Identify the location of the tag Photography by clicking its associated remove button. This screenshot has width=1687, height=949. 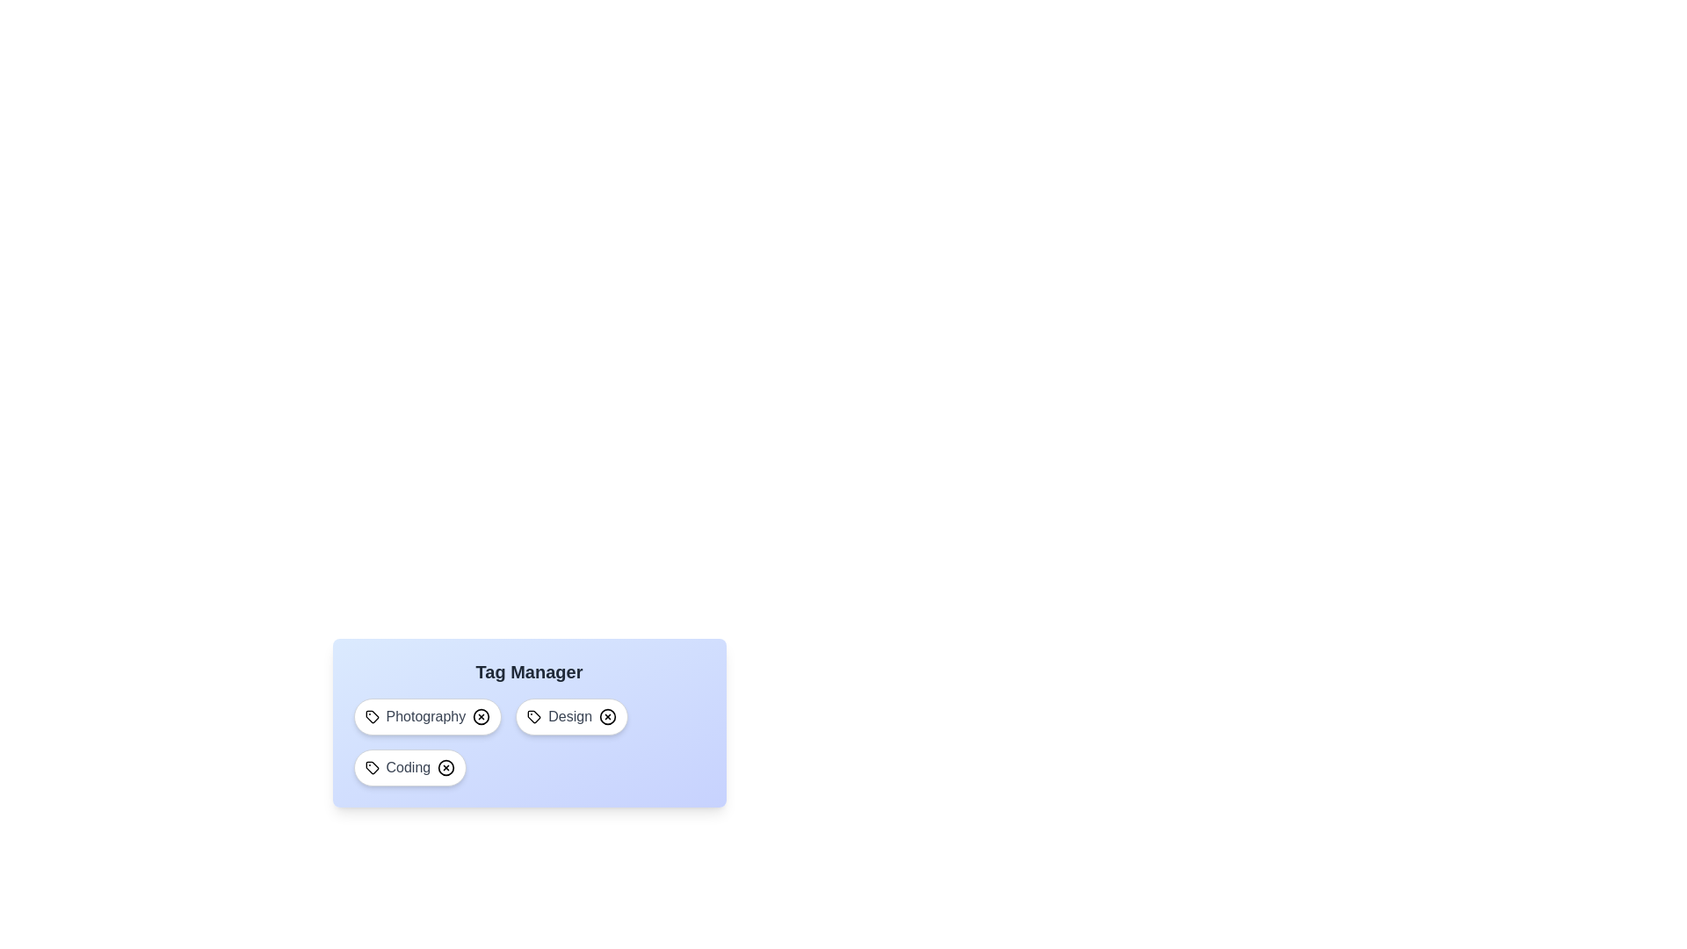
(481, 717).